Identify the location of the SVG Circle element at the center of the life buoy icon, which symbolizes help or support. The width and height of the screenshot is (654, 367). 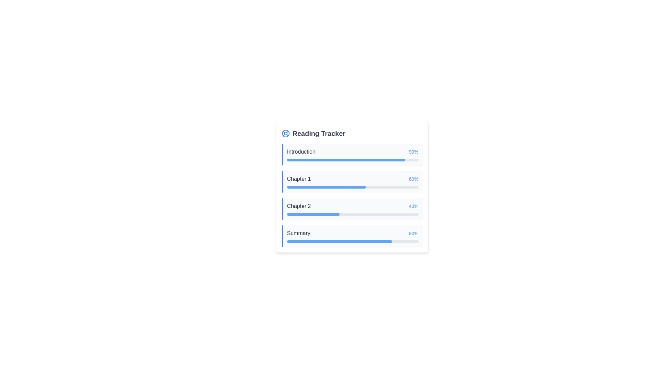
(285, 134).